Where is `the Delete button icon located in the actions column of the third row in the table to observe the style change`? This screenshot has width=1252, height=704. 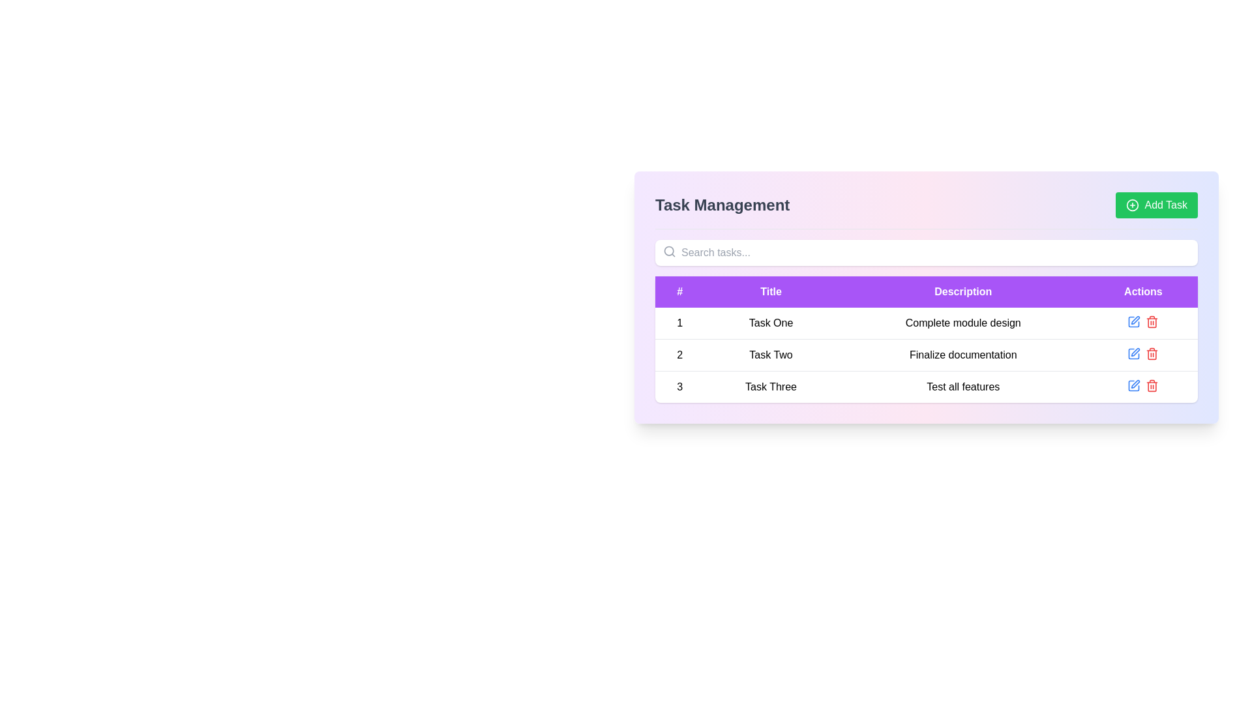
the Delete button icon located in the actions column of the third row in the table to observe the style change is located at coordinates (1152, 385).